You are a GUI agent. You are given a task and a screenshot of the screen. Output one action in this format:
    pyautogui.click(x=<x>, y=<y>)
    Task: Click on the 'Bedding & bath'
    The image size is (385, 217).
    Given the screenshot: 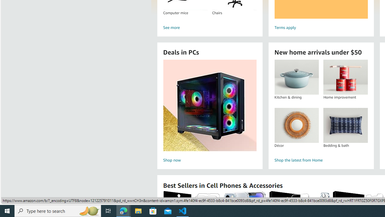 What is the action you would take?
    pyautogui.click(x=345, y=125)
    